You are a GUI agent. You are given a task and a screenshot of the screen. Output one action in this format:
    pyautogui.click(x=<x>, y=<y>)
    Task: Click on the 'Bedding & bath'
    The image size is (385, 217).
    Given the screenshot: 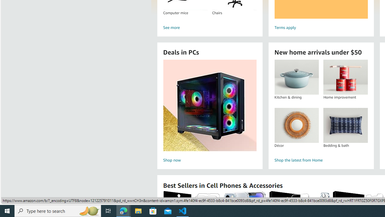 What is the action you would take?
    pyautogui.click(x=345, y=125)
    